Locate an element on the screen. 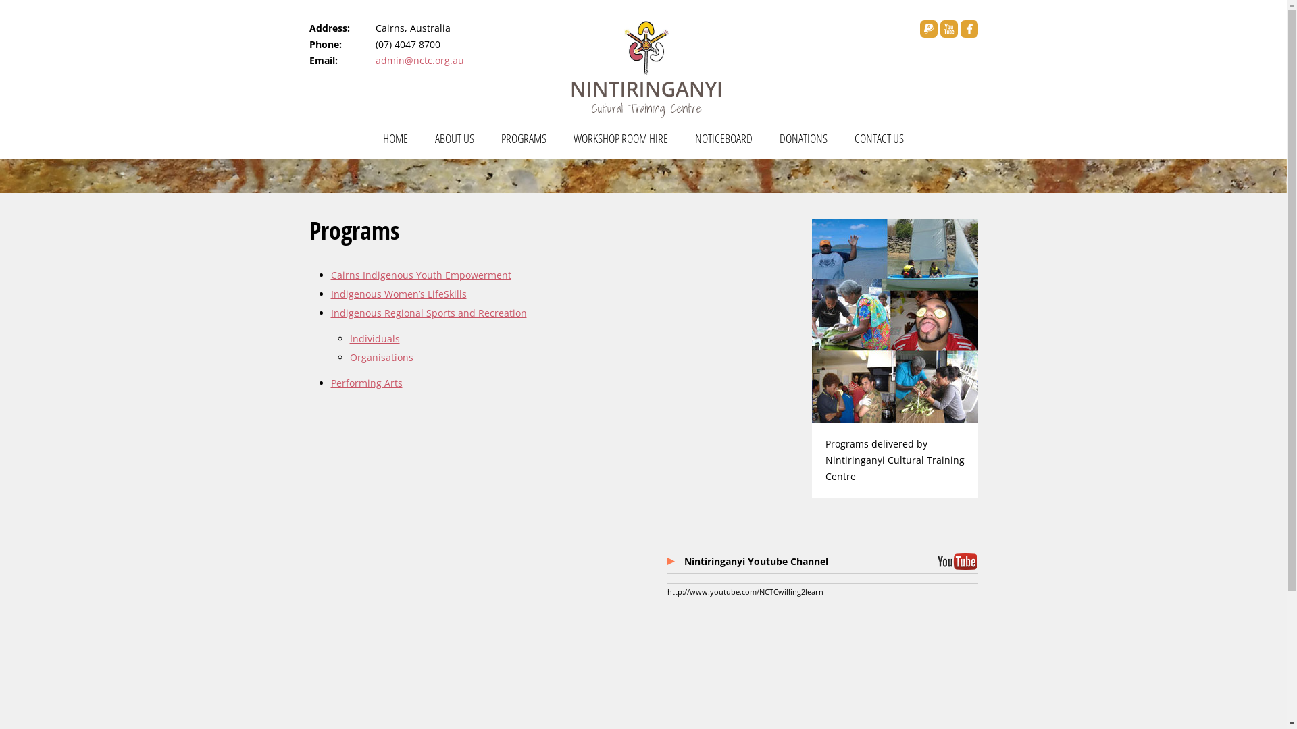 Image resolution: width=1297 pixels, height=729 pixels. 'HOME' is located at coordinates (370, 143).